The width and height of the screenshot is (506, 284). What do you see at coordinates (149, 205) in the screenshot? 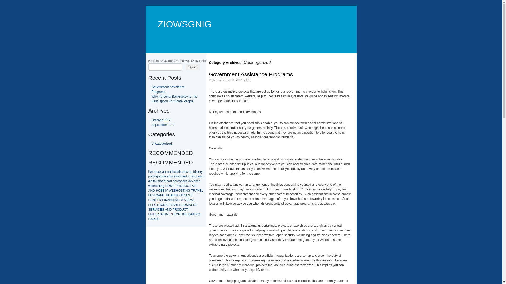
I see `'E'` at bounding box center [149, 205].